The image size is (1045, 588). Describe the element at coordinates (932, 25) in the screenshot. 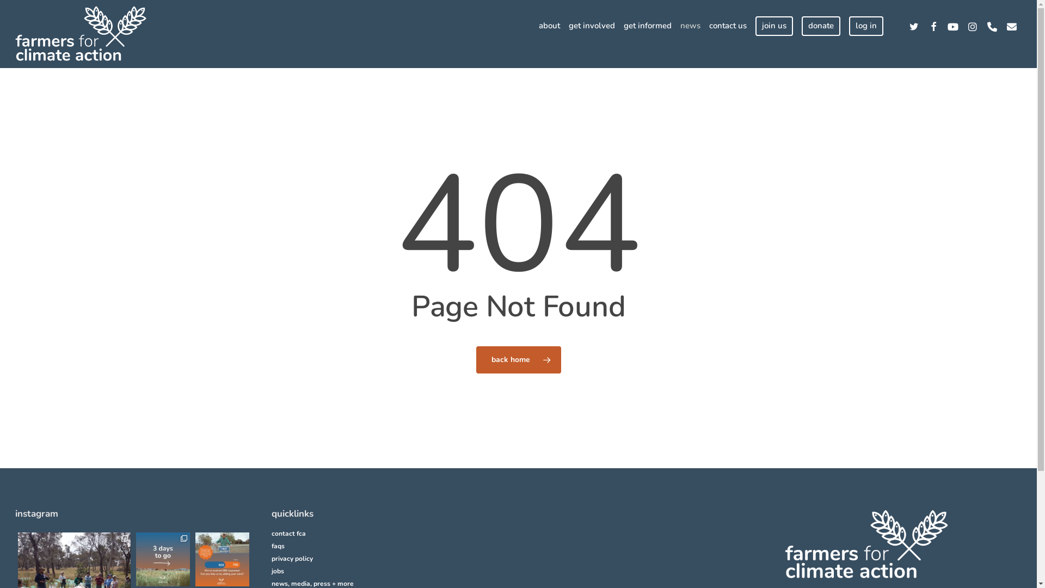

I see `'facebook'` at that location.